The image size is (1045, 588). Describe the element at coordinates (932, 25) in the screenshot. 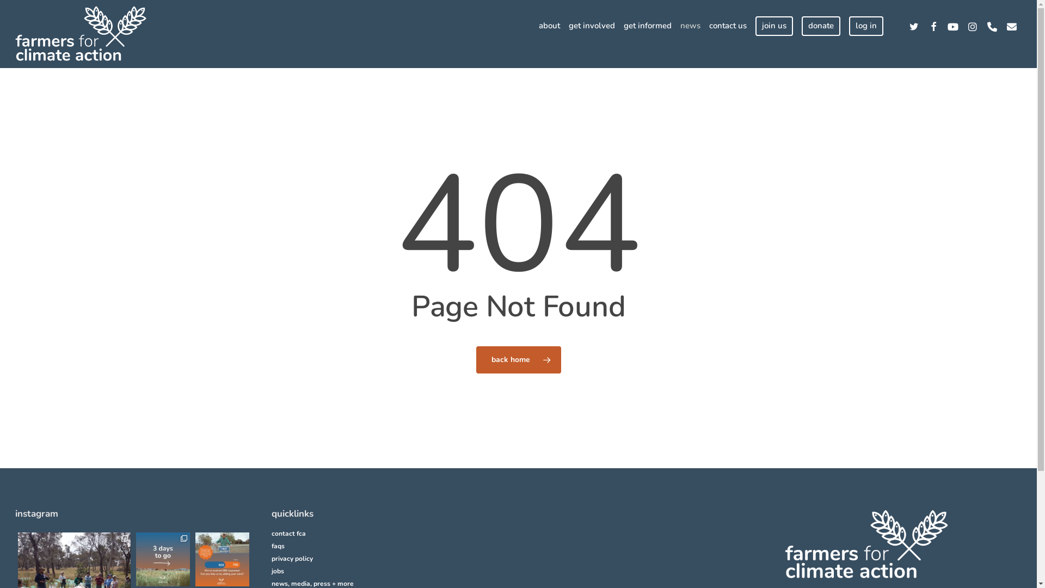

I see `'facebook'` at that location.